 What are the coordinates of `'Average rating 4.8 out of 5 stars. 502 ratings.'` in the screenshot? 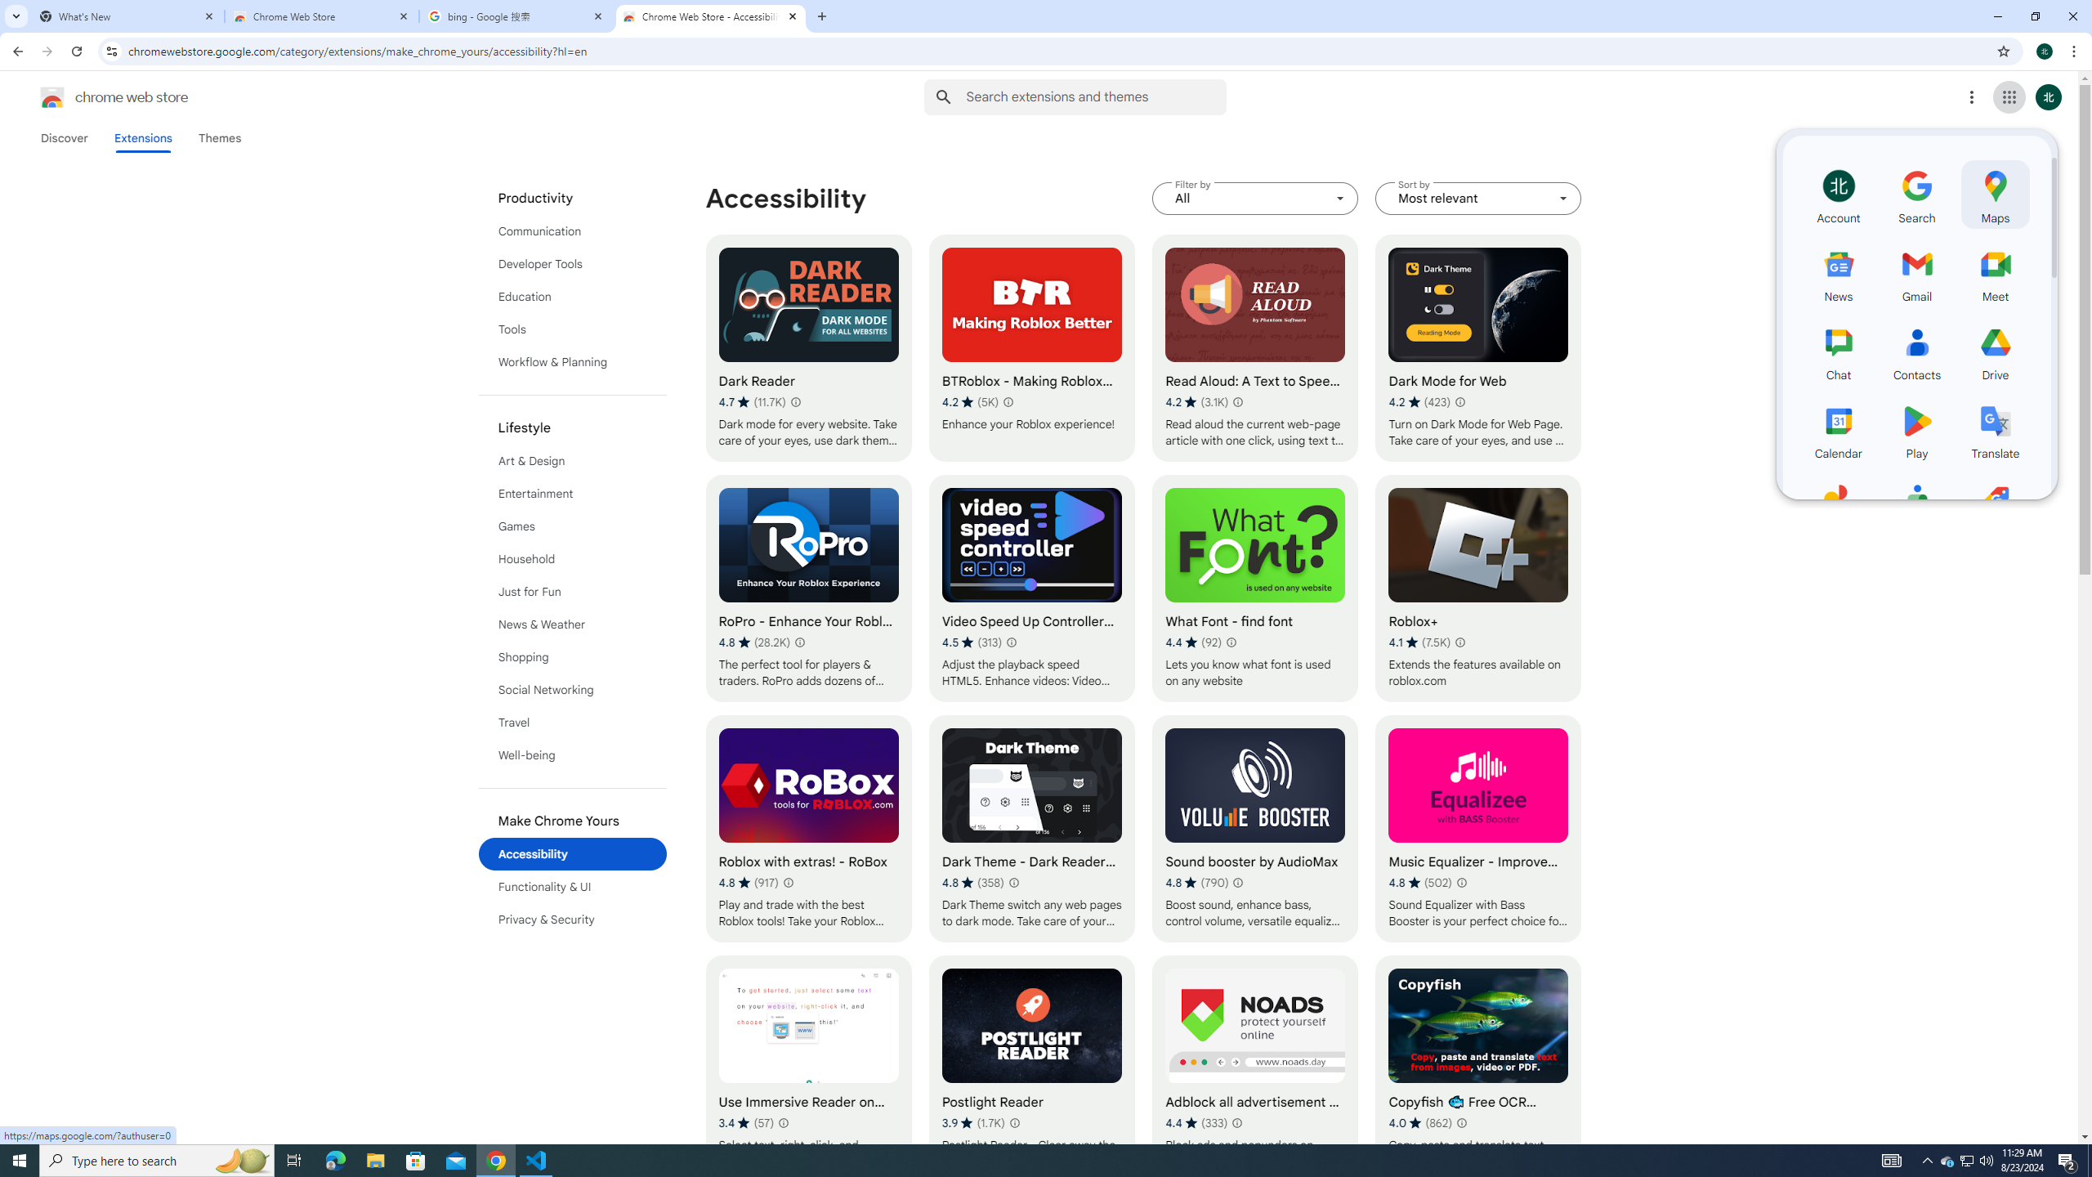 It's located at (1420, 883).